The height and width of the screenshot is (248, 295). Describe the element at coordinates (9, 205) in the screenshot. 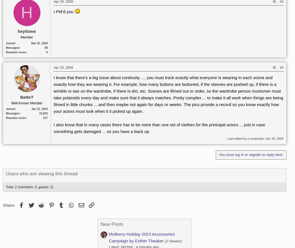

I see `'Share:'` at that location.